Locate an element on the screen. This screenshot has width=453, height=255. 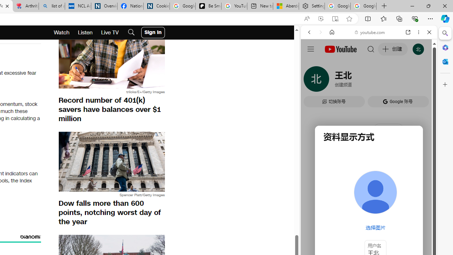
'youtube.com' is located at coordinates (370, 32).